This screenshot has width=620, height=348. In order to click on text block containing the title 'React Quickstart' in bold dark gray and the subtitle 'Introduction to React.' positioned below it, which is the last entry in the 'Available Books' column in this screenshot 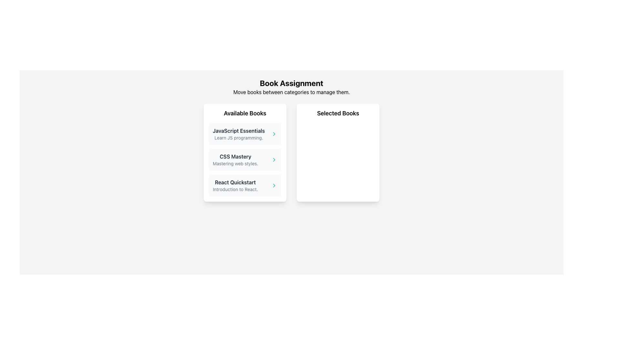, I will do `click(235, 185)`.